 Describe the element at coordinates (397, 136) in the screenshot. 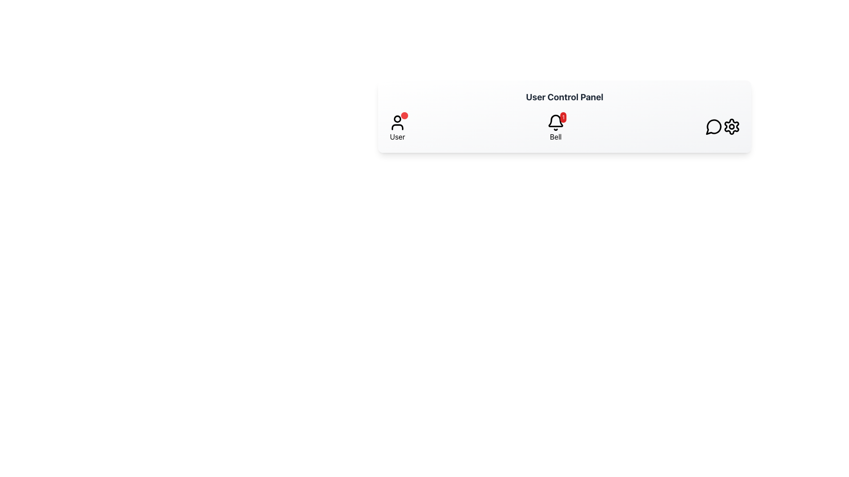

I see `the static label or text located beneath the user profile icon, which serves as a description for user functionalities` at that location.